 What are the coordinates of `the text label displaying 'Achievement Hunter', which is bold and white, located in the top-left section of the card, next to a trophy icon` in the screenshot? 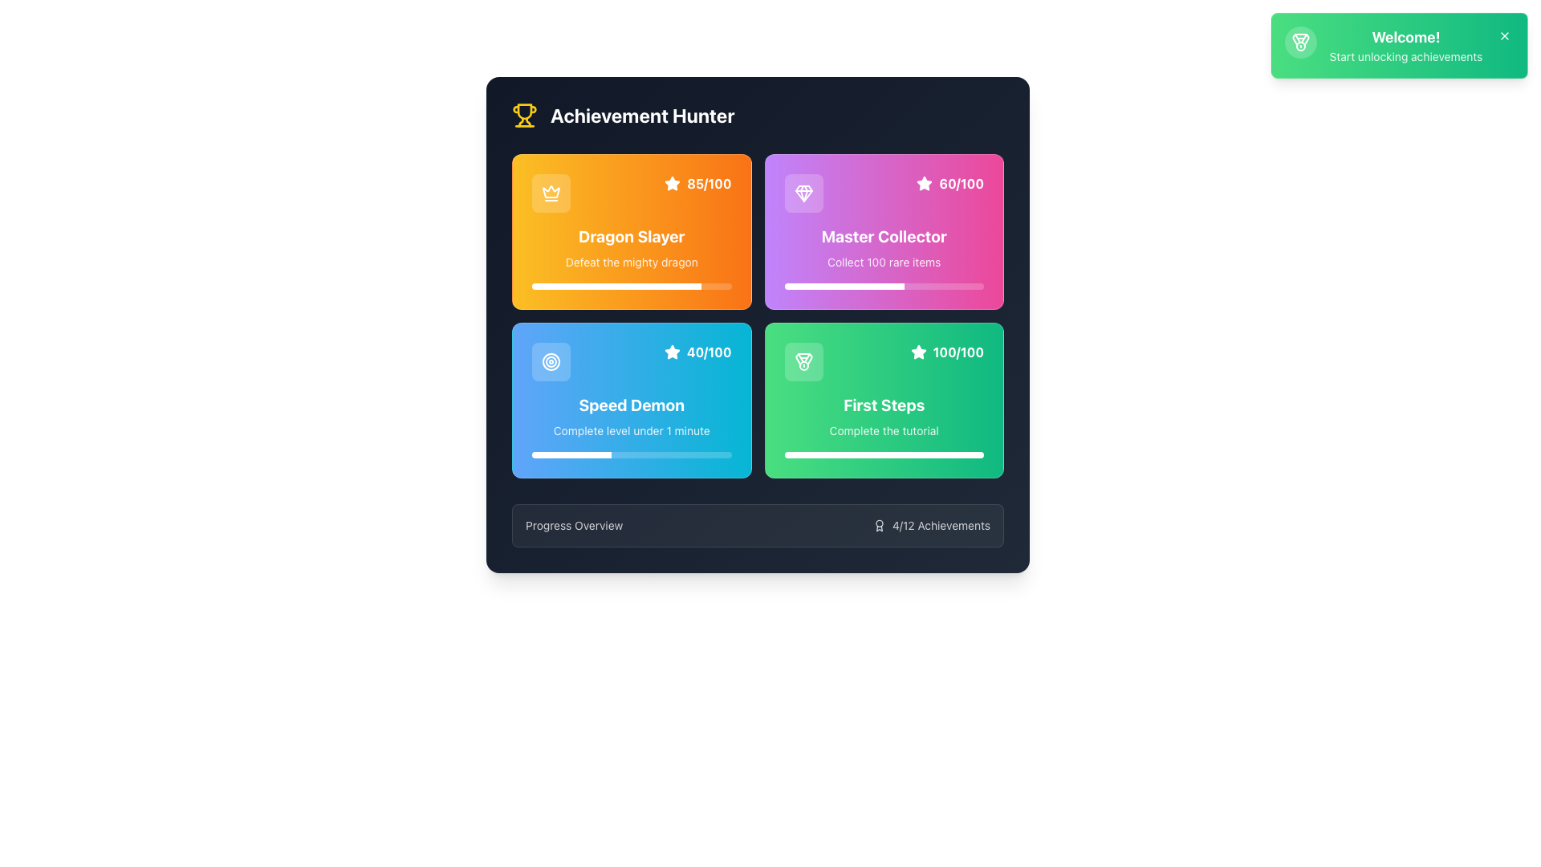 It's located at (642, 114).